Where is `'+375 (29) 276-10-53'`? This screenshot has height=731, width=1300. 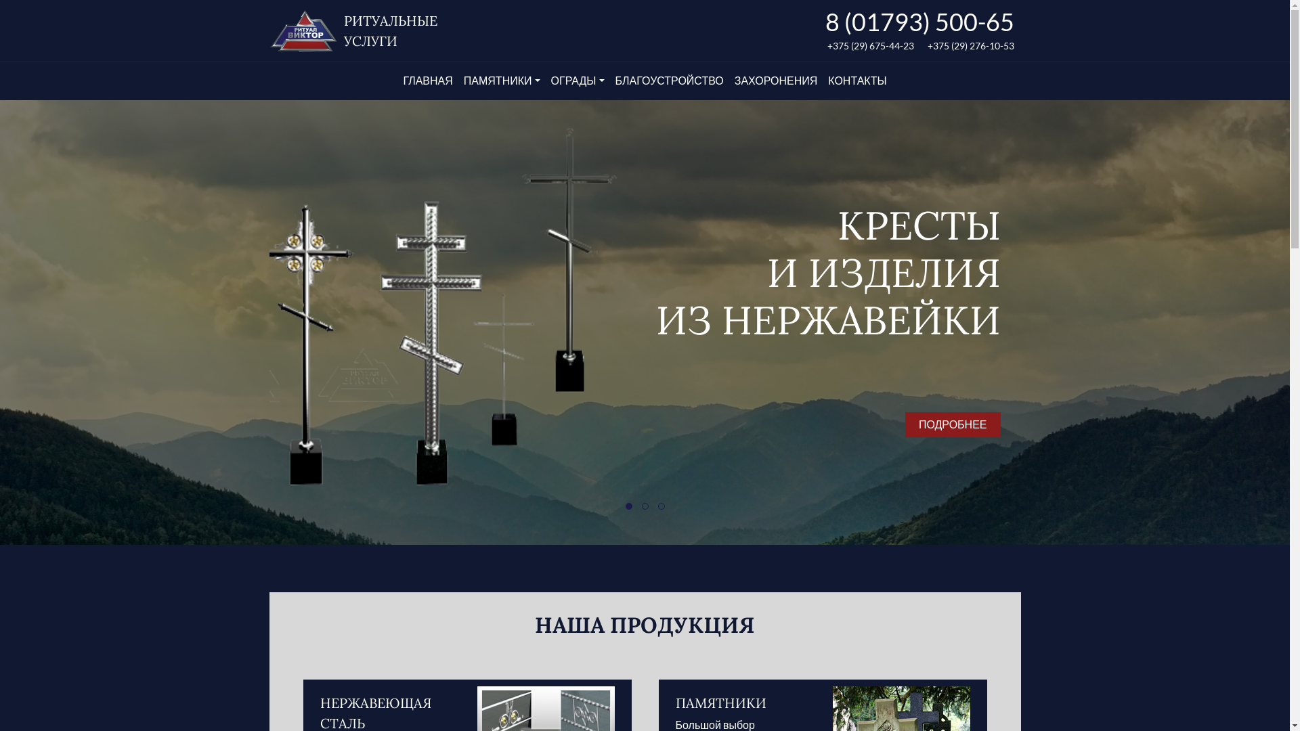 '+375 (29) 276-10-53' is located at coordinates (970, 45).